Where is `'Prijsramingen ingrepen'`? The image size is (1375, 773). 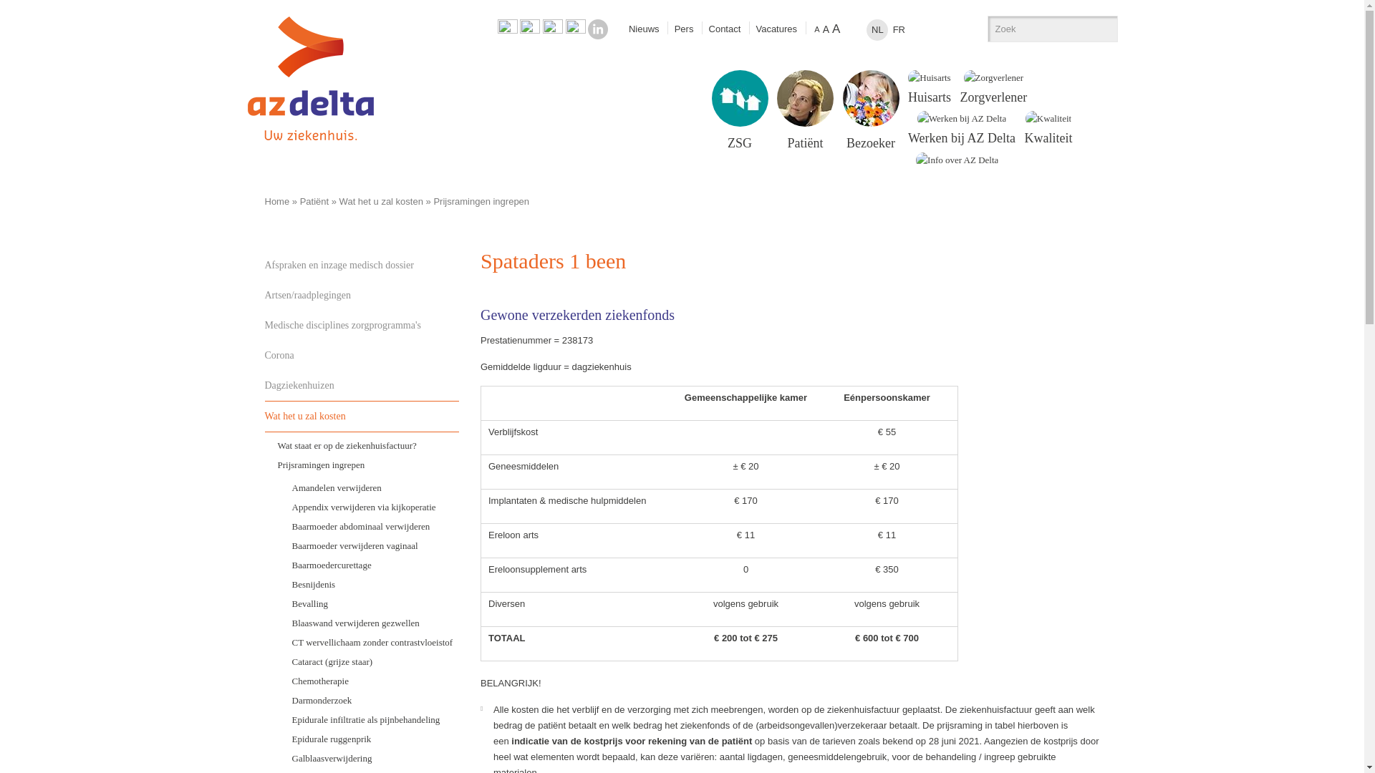 'Prijsramingen ingrepen' is located at coordinates (362, 465).